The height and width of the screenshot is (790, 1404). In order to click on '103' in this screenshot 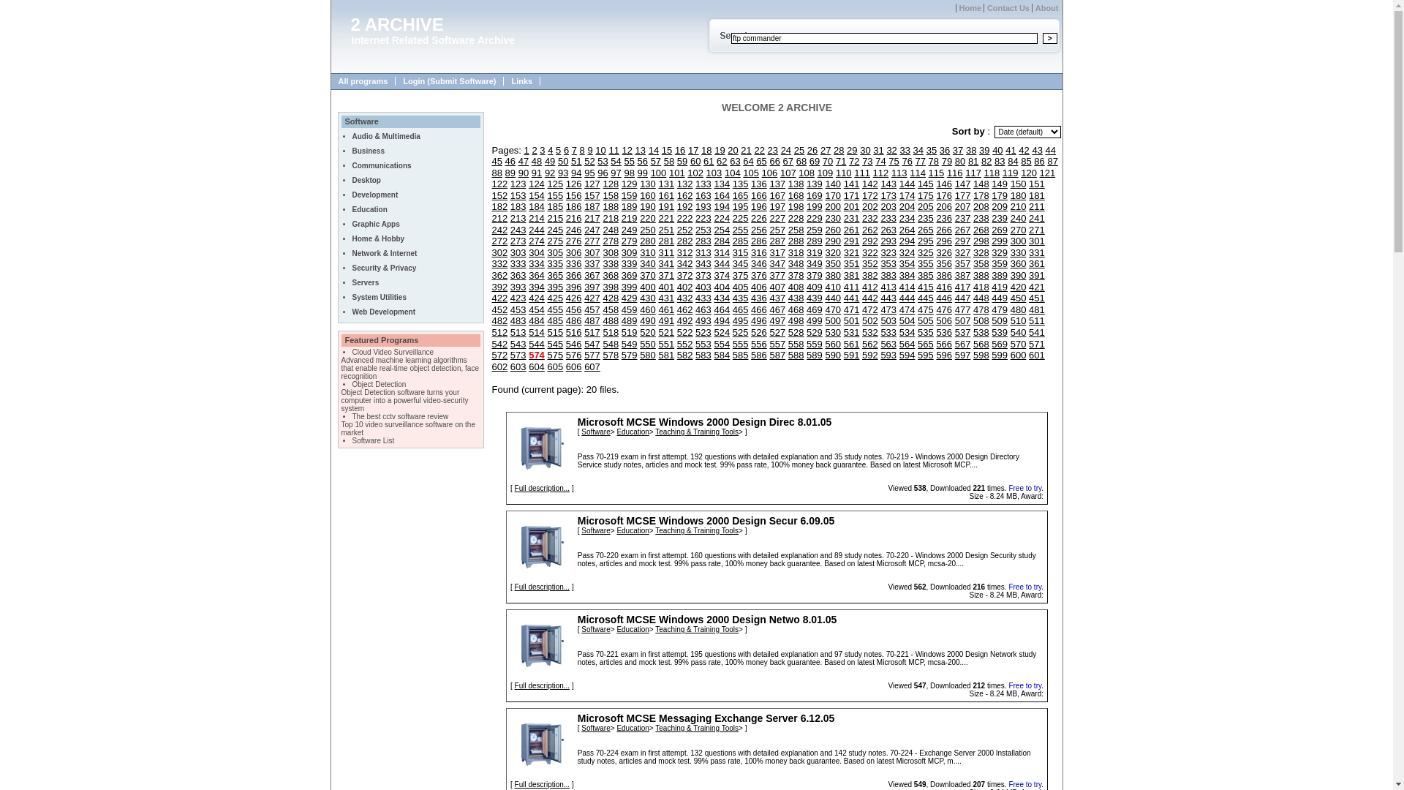, I will do `click(706, 172)`.